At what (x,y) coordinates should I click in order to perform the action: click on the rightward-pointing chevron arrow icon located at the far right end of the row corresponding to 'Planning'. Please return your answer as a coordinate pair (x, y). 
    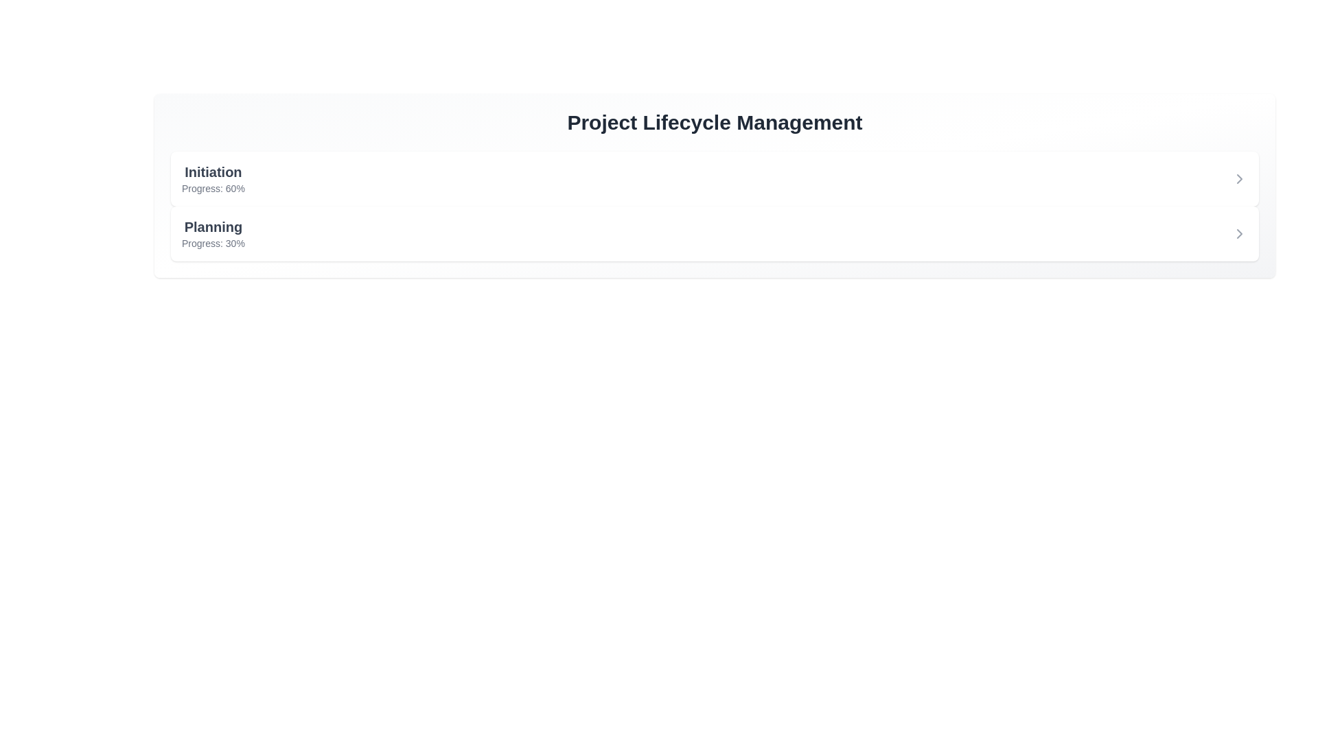
    Looking at the image, I should click on (1239, 178).